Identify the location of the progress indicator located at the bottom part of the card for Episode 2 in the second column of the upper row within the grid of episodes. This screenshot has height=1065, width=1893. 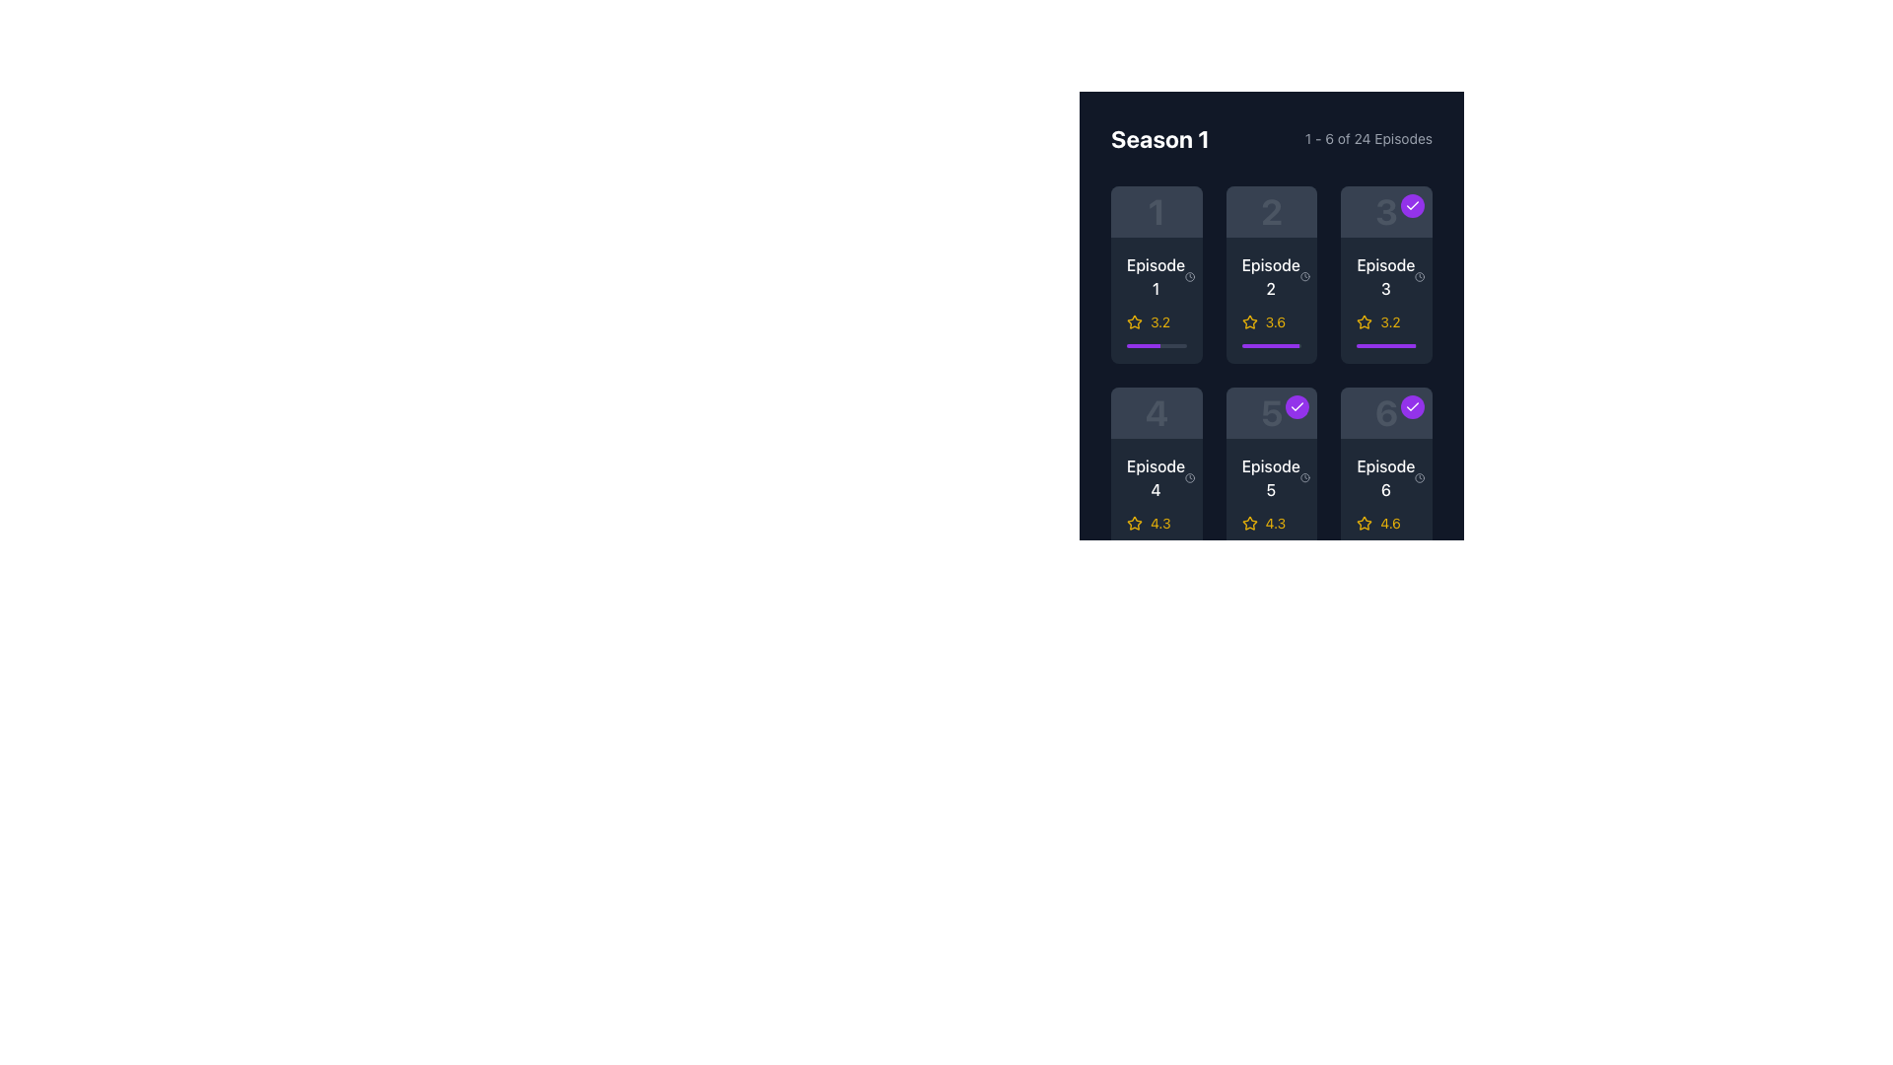
(1272, 345).